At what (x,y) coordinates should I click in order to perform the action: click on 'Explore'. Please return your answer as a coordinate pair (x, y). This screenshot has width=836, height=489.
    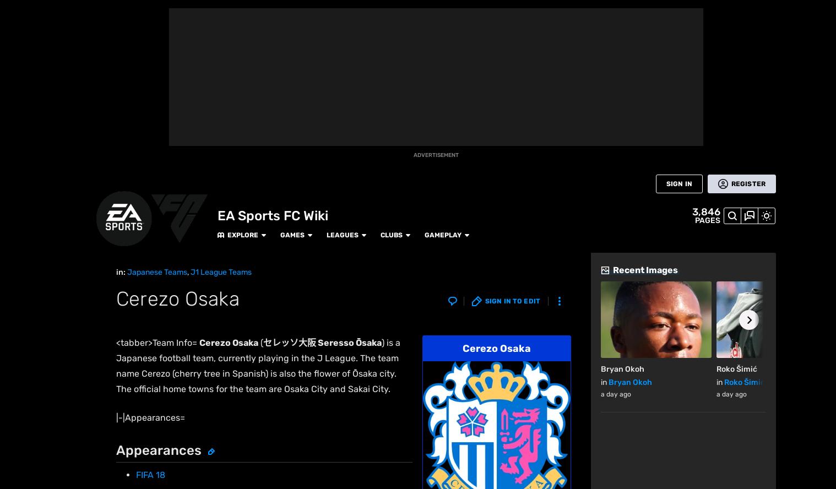
    Looking at the image, I should click on (192, 12).